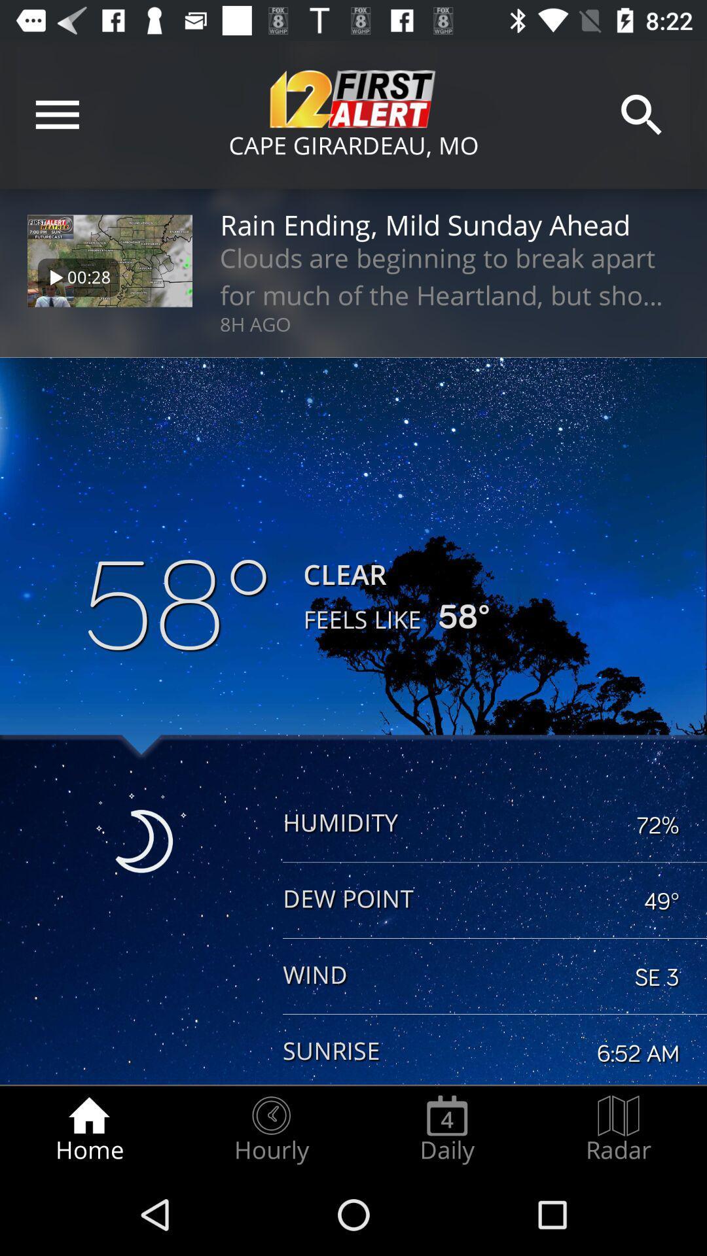 The image size is (707, 1256). Describe the element at coordinates (270, 1129) in the screenshot. I see `hourly item` at that location.